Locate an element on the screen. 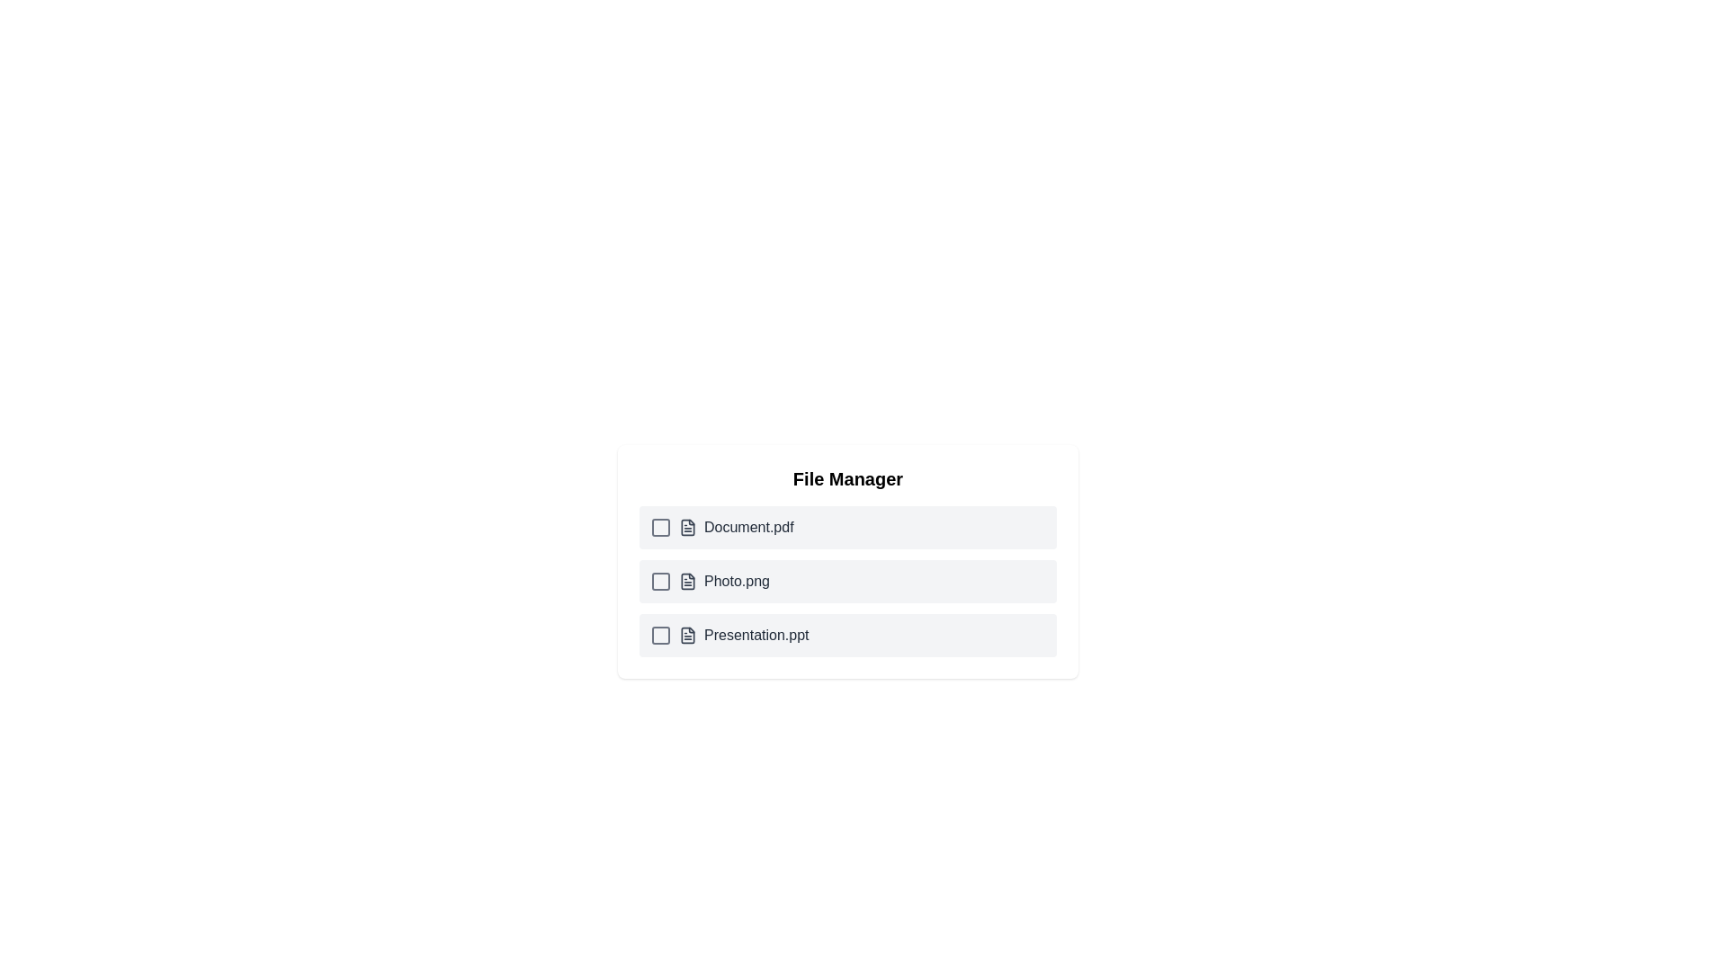 The width and height of the screenshot is (1727, 971). the square outline icon styled in a minimalistic design with a gray border, located to the far left within the horizontal group of elements associated with the 'Presentation.ppt' row in a file manager interface is located at coordinates (659, 634).